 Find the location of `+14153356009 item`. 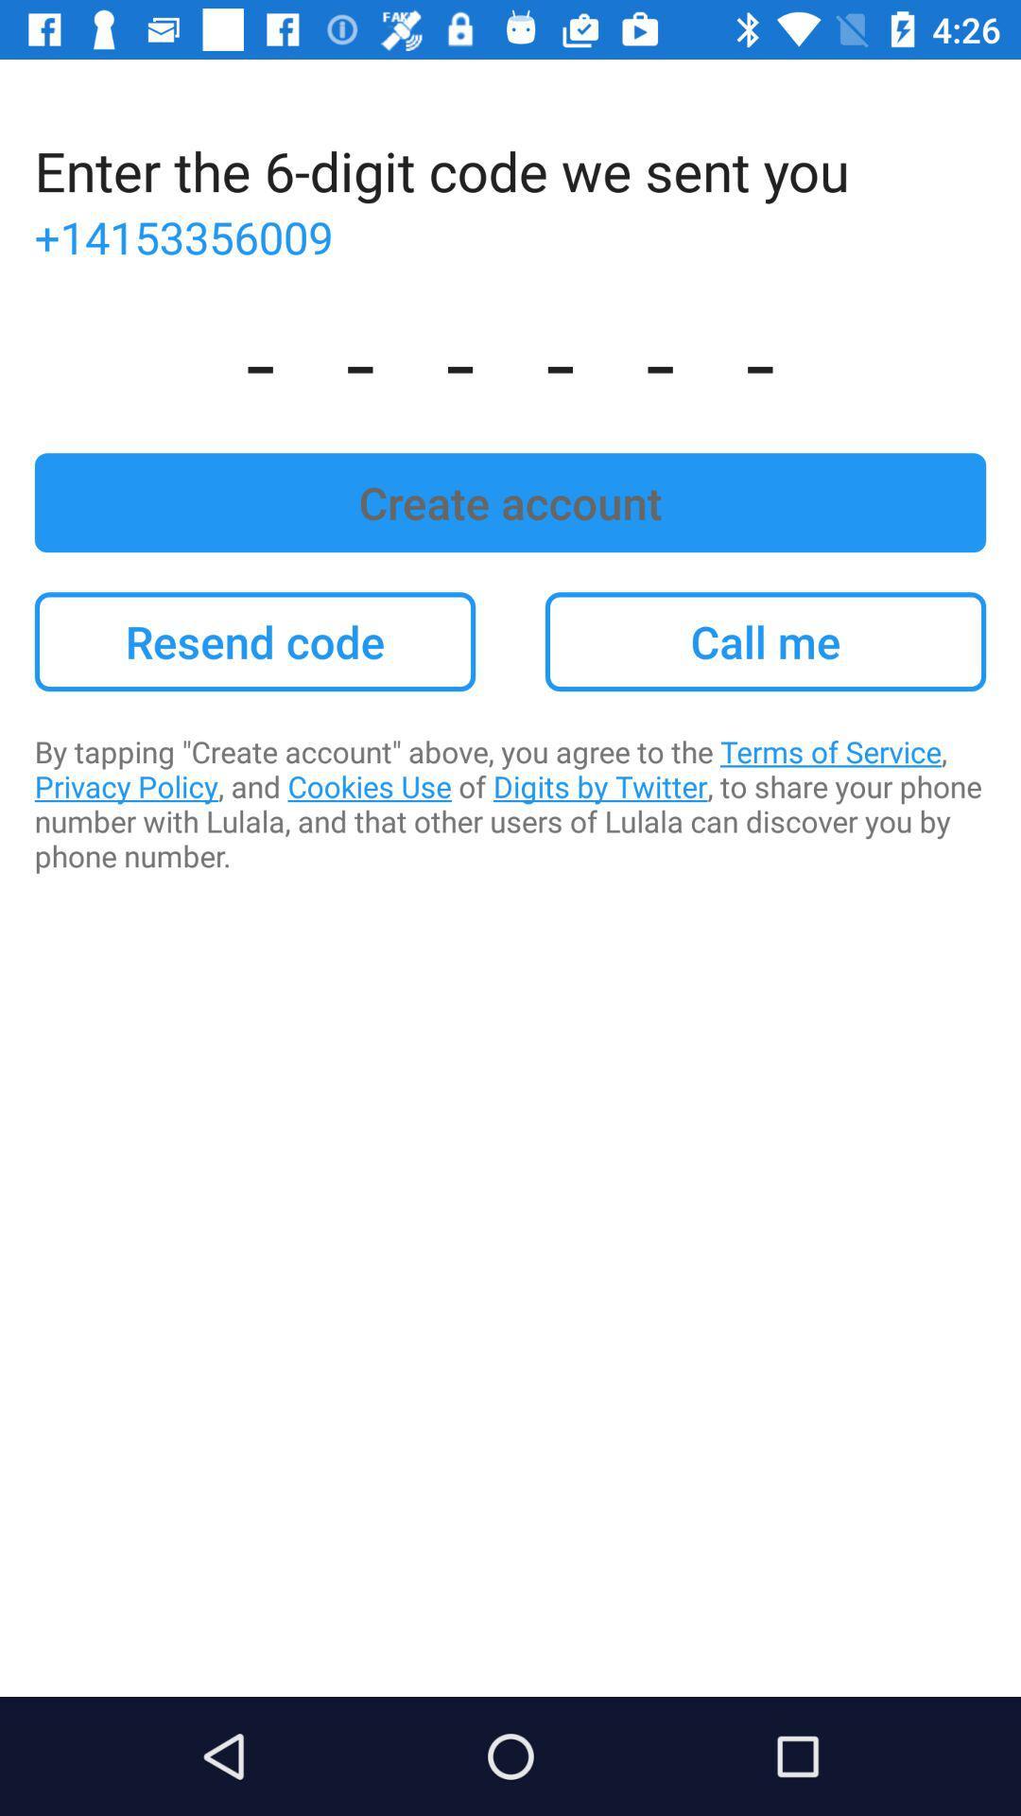

+14153356009 item is located at coordinates (510, 236).